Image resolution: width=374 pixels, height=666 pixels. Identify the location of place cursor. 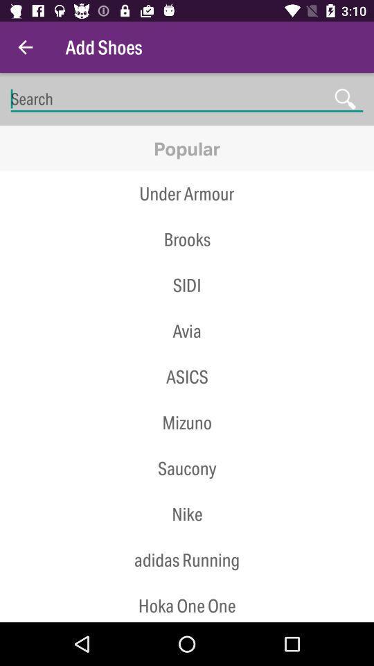
(187, 99).